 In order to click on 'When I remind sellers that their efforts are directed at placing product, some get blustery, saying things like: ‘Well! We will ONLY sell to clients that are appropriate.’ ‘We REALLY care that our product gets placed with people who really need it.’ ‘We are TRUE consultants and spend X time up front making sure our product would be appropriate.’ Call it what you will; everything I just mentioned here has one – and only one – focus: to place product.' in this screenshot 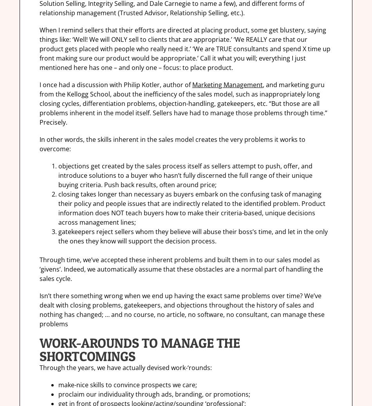, I will do `click(184, 48)`.